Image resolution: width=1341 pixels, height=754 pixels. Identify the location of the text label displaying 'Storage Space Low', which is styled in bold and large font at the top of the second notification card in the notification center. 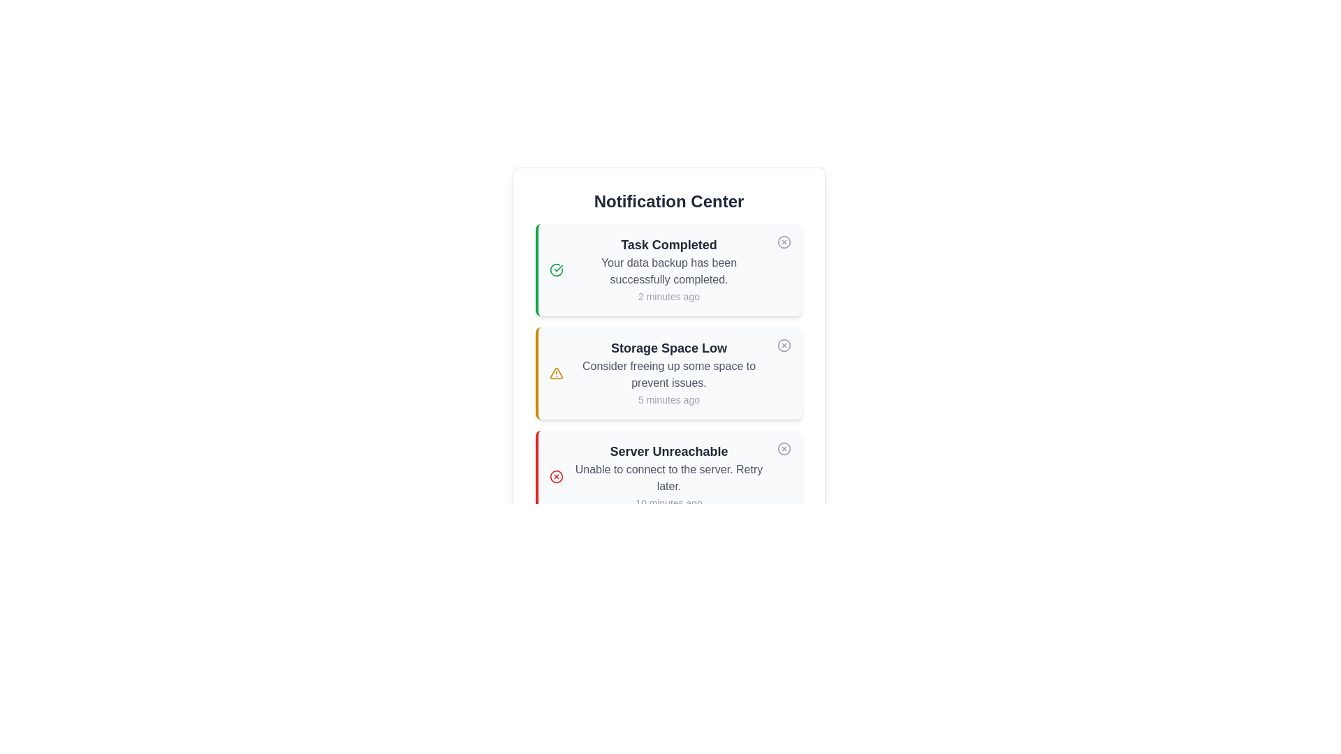
(668, 347).